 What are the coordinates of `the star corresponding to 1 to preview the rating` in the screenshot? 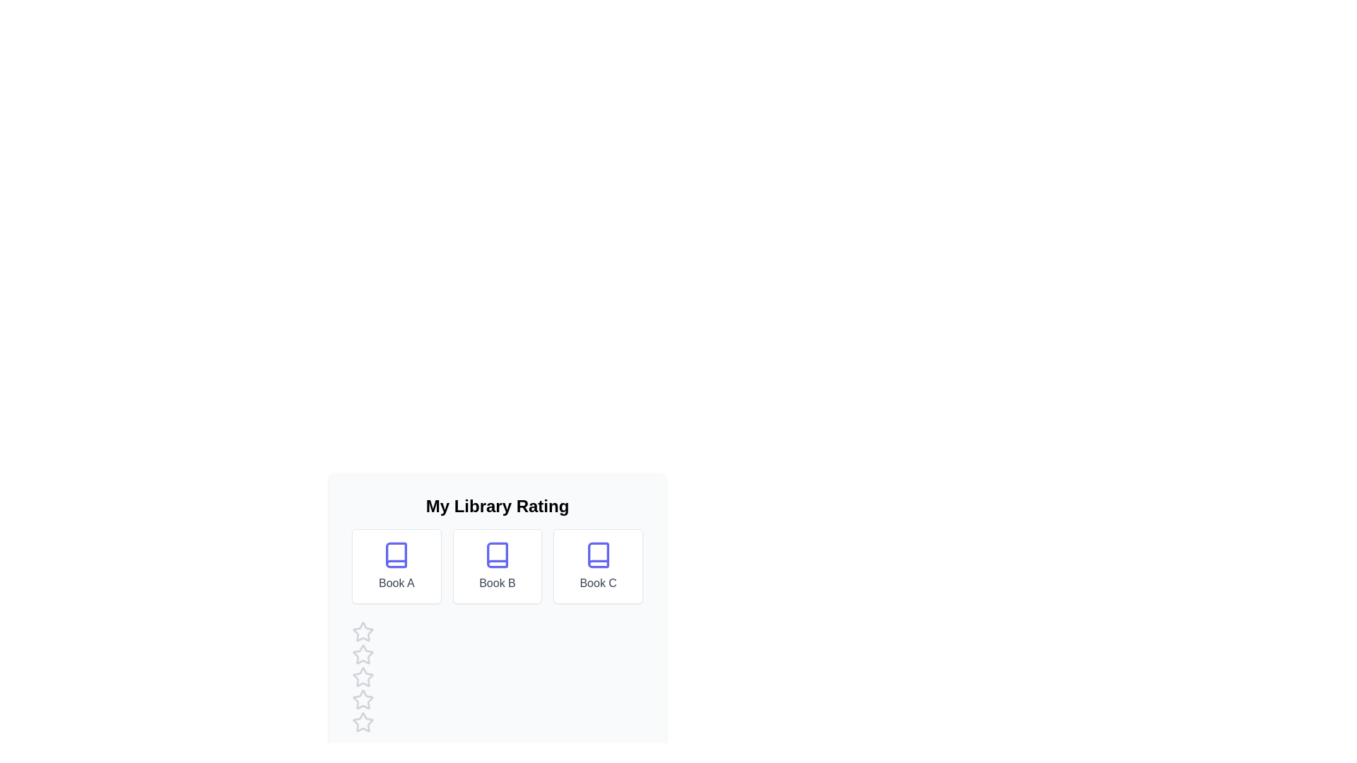 It's located at (363, 631).